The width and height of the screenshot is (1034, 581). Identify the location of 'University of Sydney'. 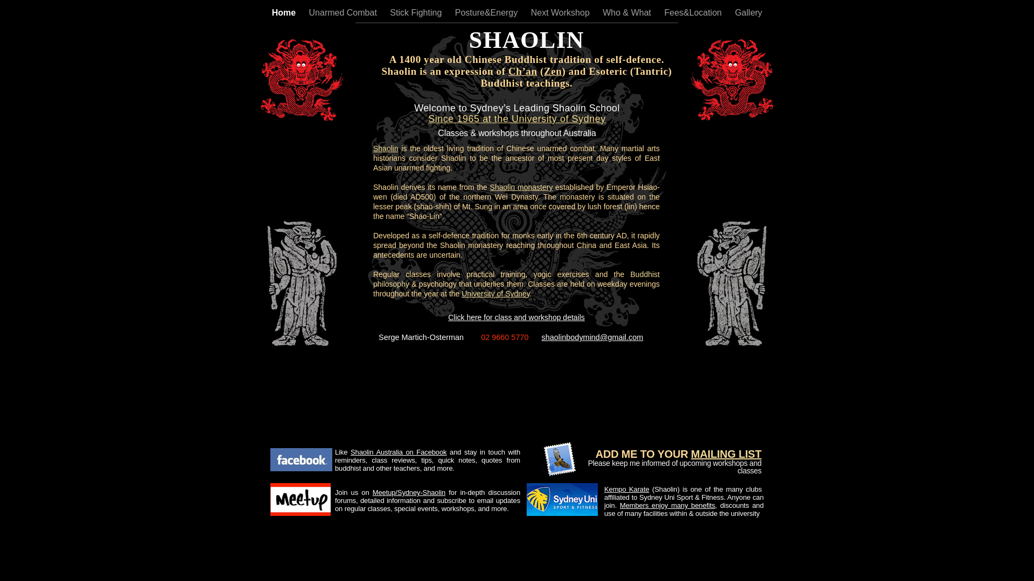
(495, 294).